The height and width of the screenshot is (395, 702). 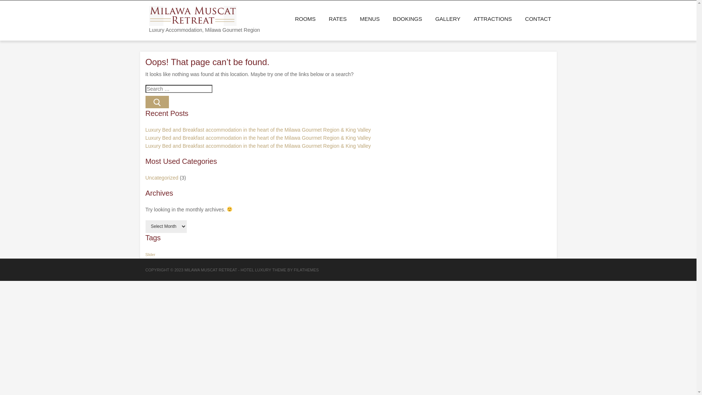 I want to click on 'MENUS', so click(x=370, y=18).